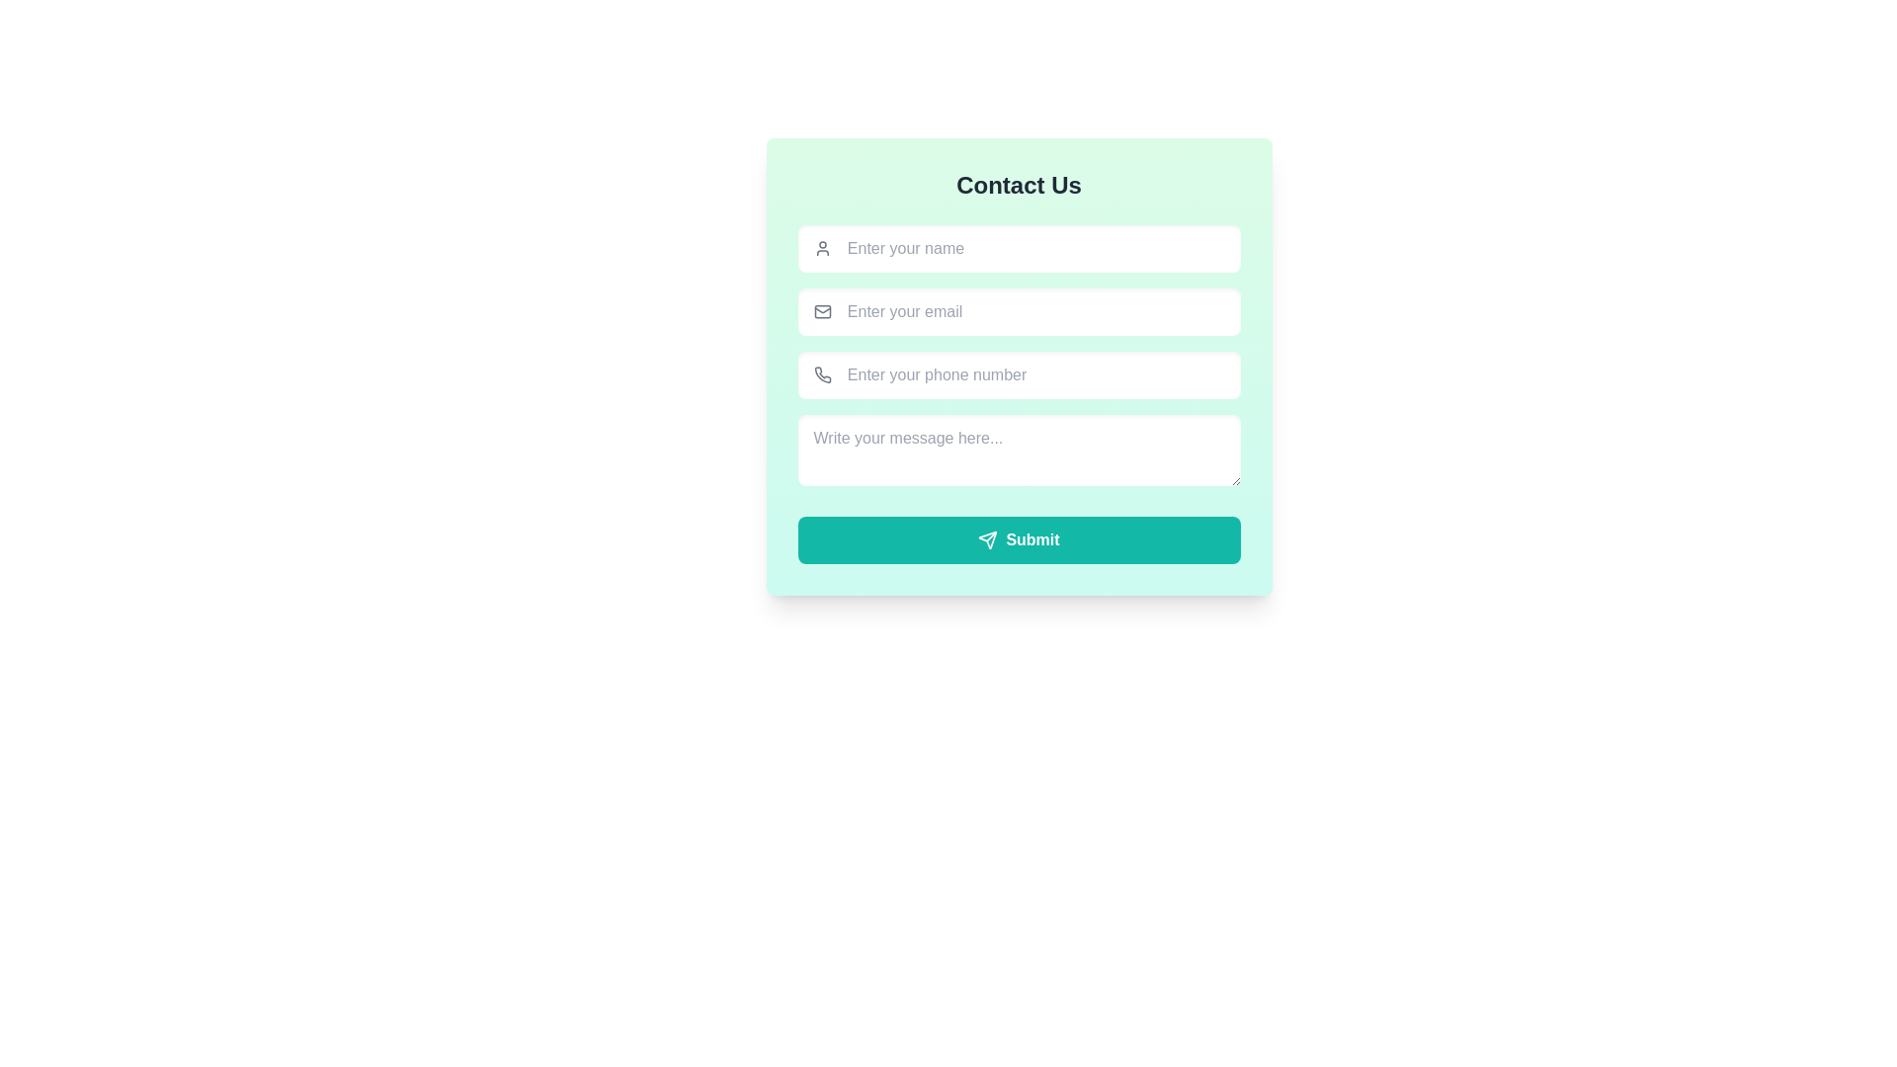 Image resolution: width=1897 pixels, height=1067 pixels. Describe the element at coordinates (1031, 540) in the screenshot. I see `label 'Submit' of the text label inside the teal button at the bottom of the 'Contact Us' form` at that location.